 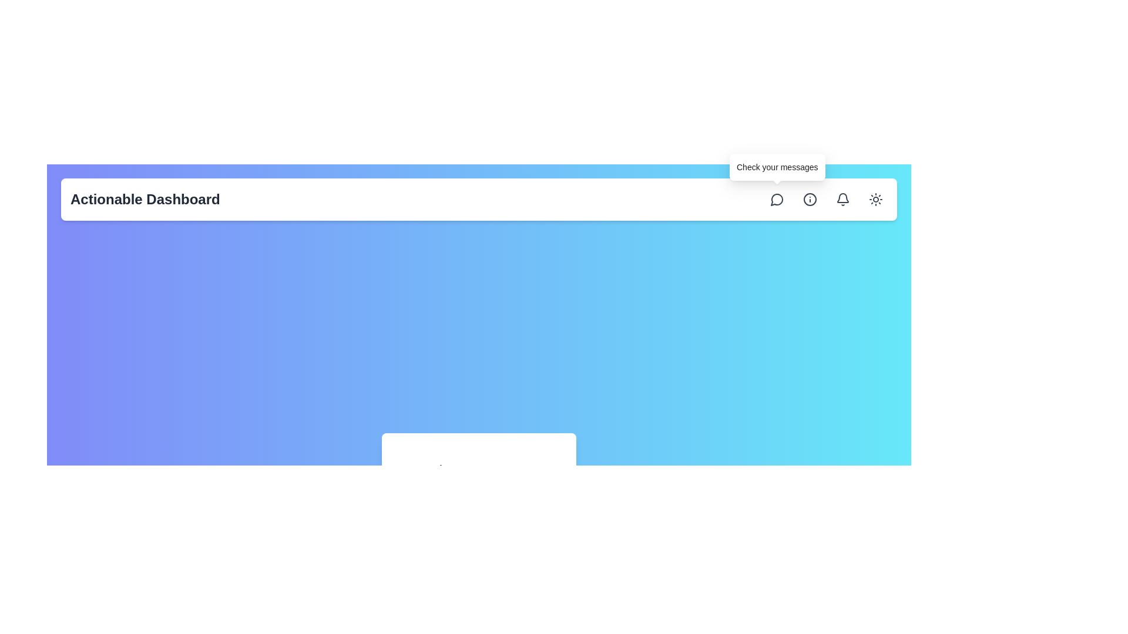 What do you see at coordinates (777, 198) in the screenshot?
I see `the circular button with a speech bubble icon in the header section` at bounding box center [777, 198].